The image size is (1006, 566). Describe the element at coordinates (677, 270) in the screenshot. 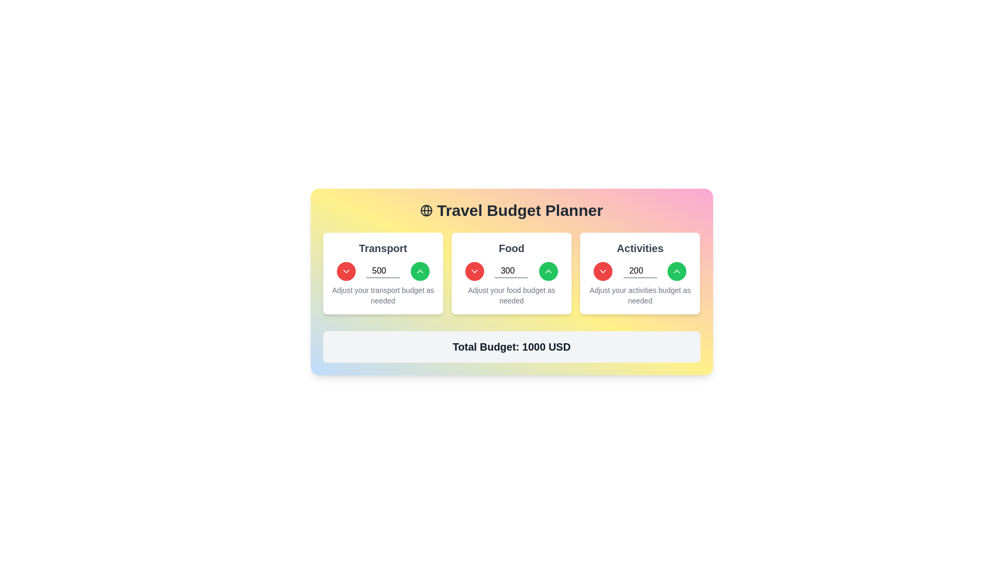

I see `the button located to the far right of the numeric input labeled '200' in the 'Activities' section` at that location.